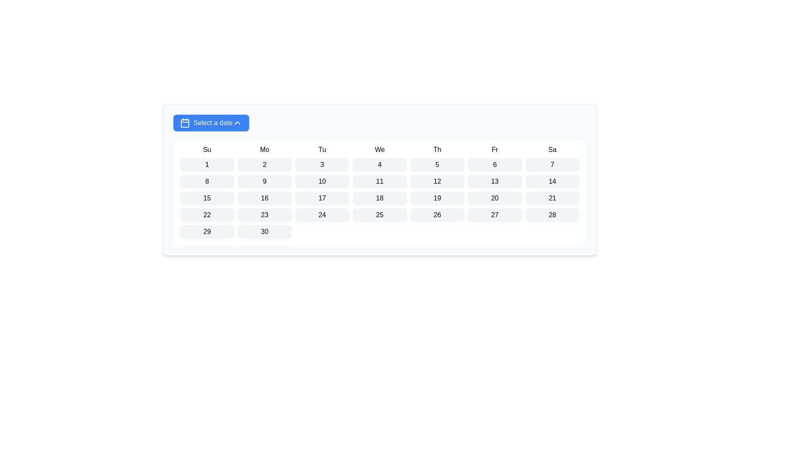  Describe the element at coordinates (552, 181) in the screenshot. I see `the button that allows users to select the day '14'` at that location.